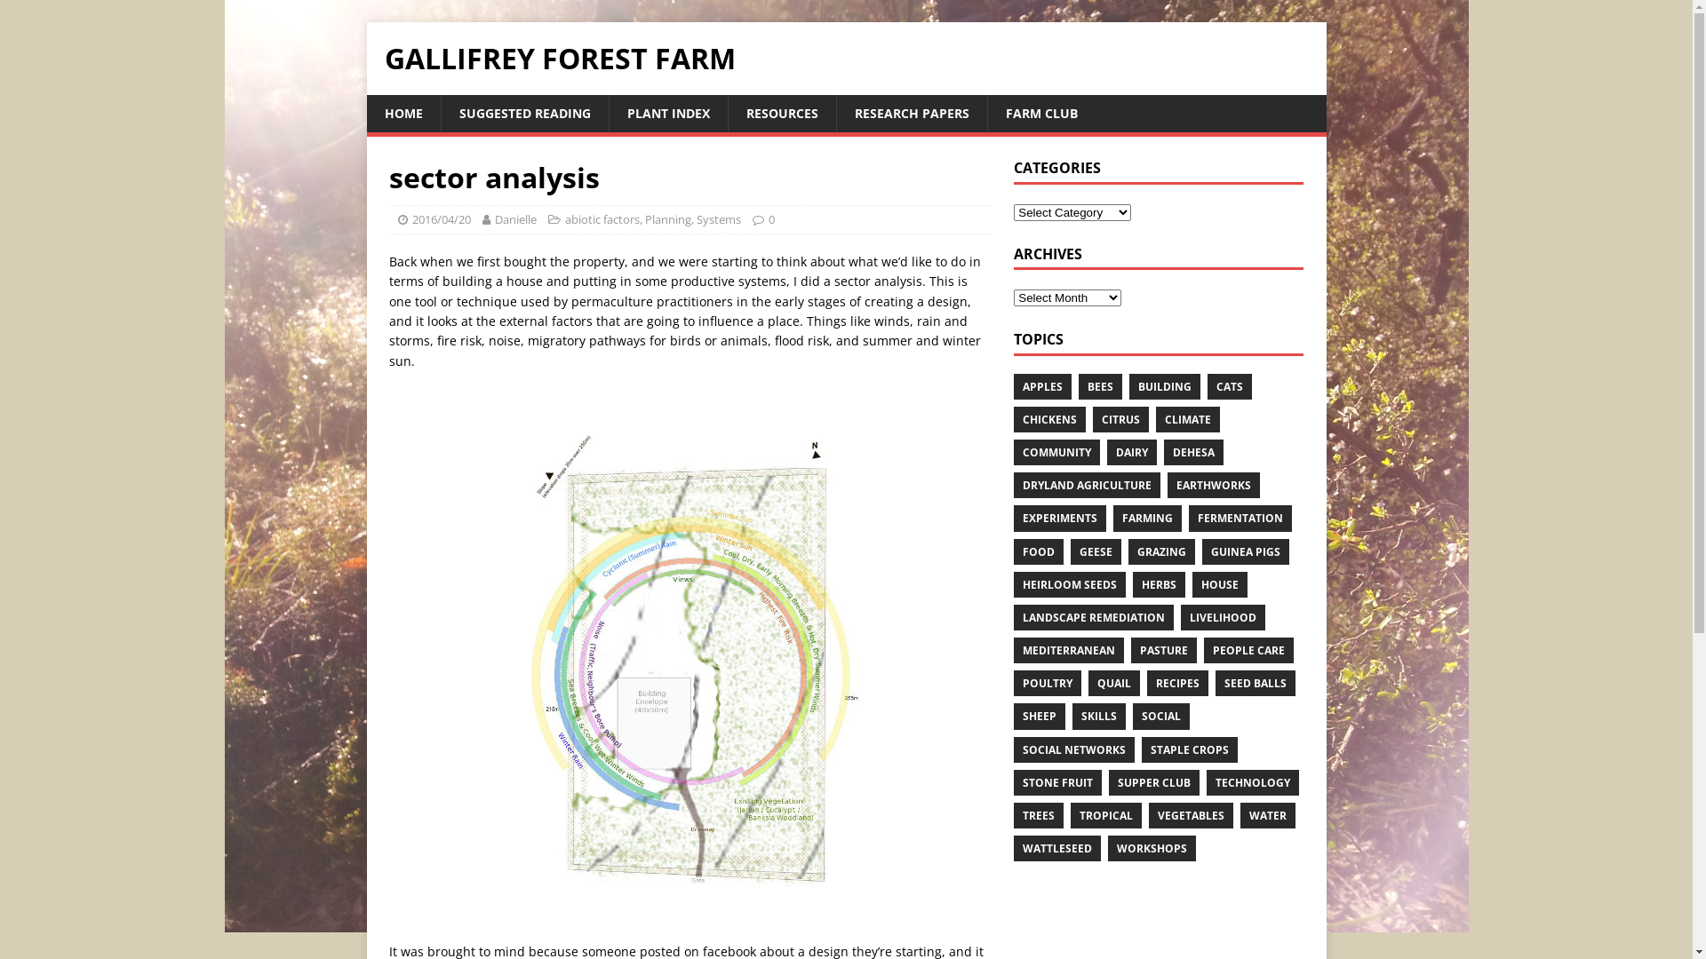 This screenshot has width=1706, height=959. What do you see at coordinates (523, 113) in the screenshot?
I see `'SUGGESTED READING'` at bounding box center [523, 113].